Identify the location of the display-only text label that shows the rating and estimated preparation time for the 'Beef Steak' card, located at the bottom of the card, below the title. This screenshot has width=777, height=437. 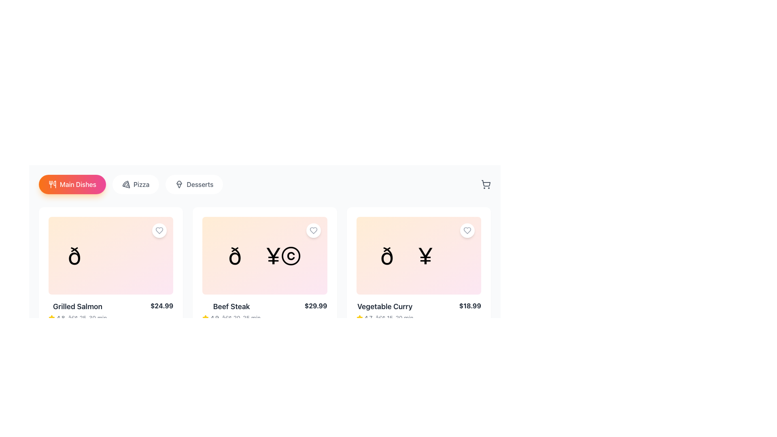
(231, 318).